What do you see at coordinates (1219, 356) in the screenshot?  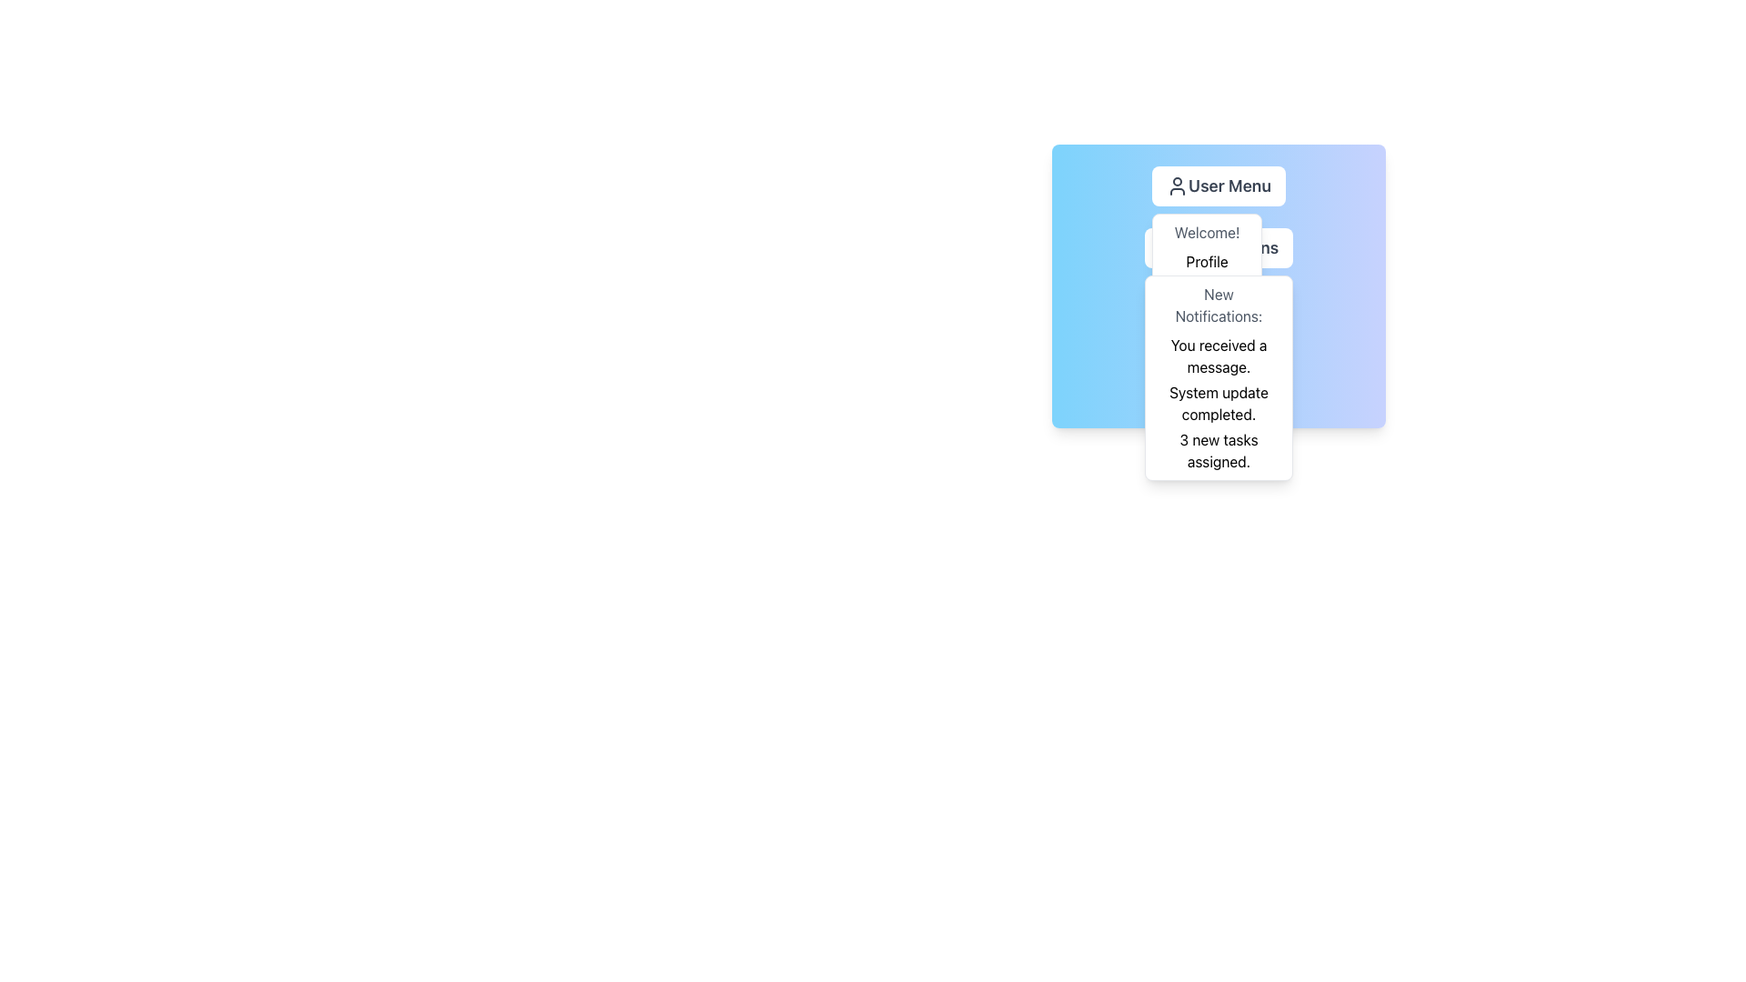 I see `the first text display notification that informs the user about receiving a message, located directly beneath the 'New Notifications:' heading` at bounding box center [1219, 356].